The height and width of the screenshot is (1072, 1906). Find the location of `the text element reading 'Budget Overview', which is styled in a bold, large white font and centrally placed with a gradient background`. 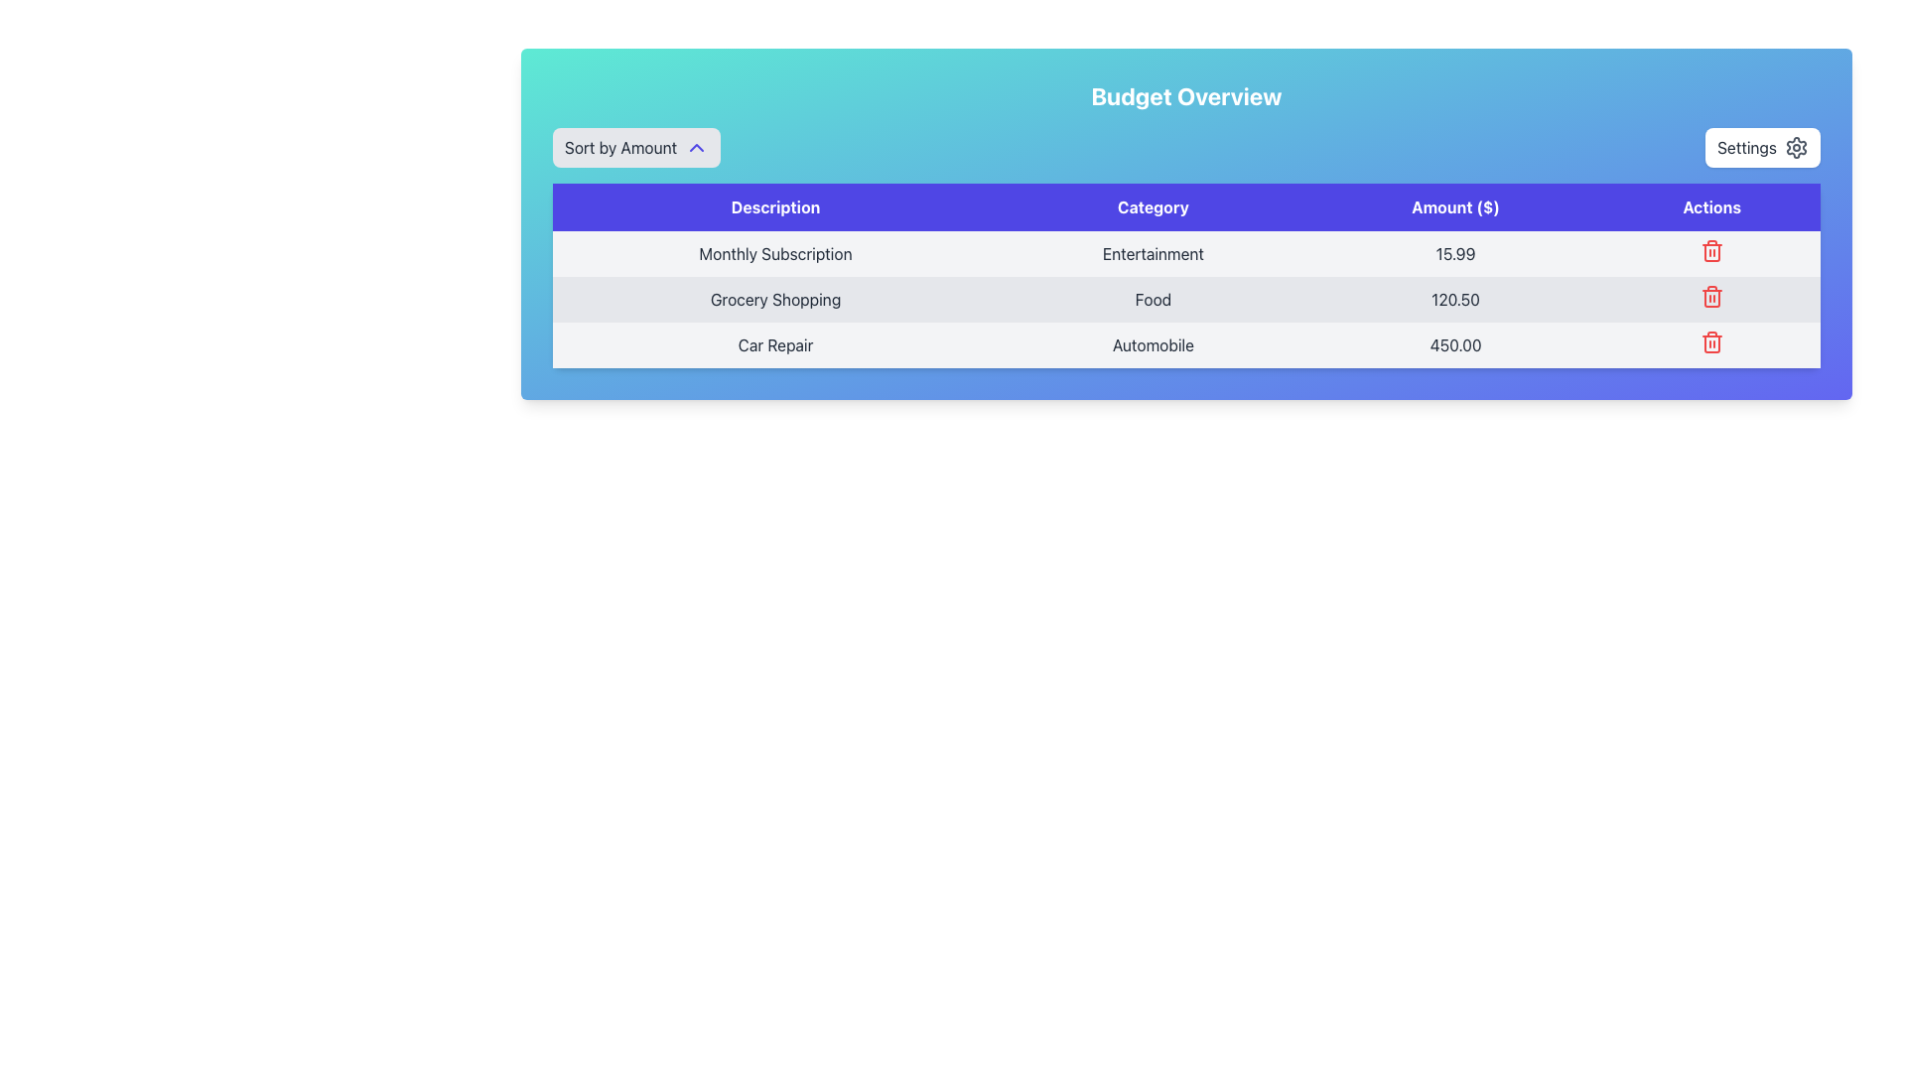

the text element reading 'Budget Overview', which is styled in a bold, large white font and centrally placed with a gradient background is located at coordinates (1186, 95).